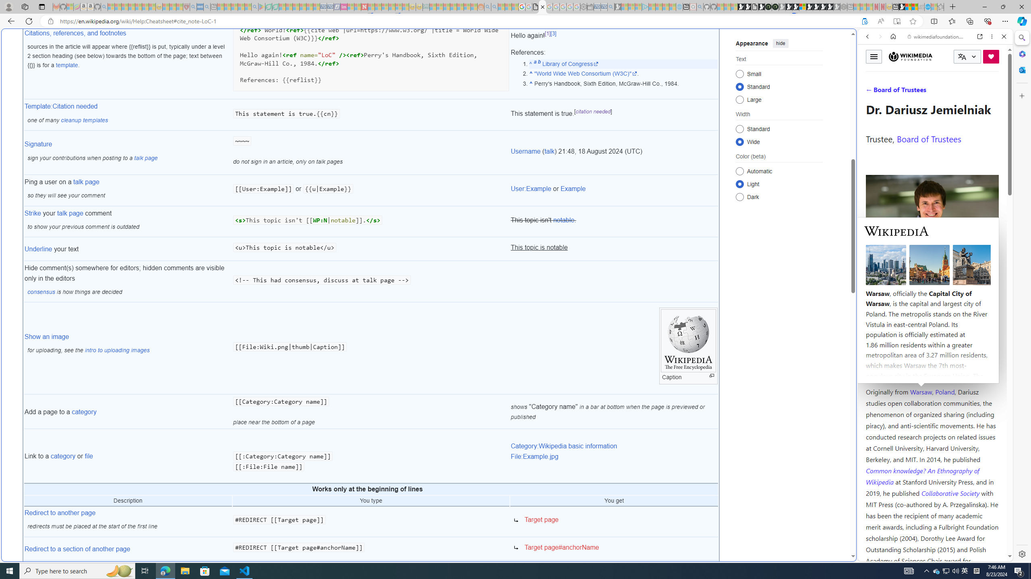 Image resolution: width=1031 pixels, height=579 pixels. What do you see at coordinates (937, 37) in the screenshot?
I see `'wikimediafoundation.org'` at bounding box center [937, 37].